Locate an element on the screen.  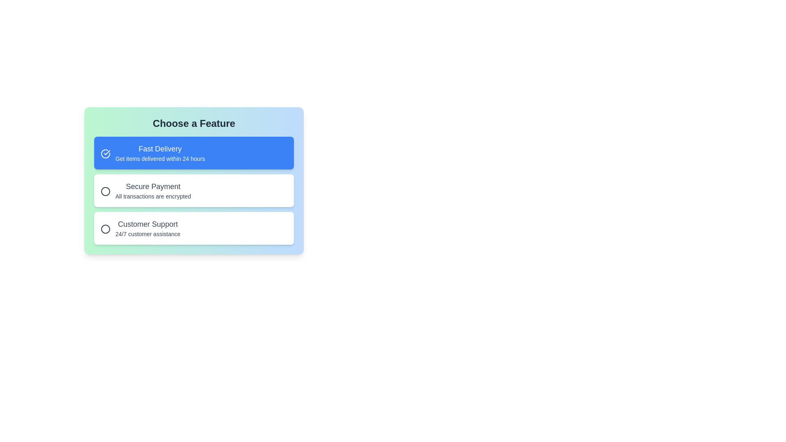
one of the options in the list of selectable features located directly below the title 'Choose a Feature' is located at coordinates (194, 191).